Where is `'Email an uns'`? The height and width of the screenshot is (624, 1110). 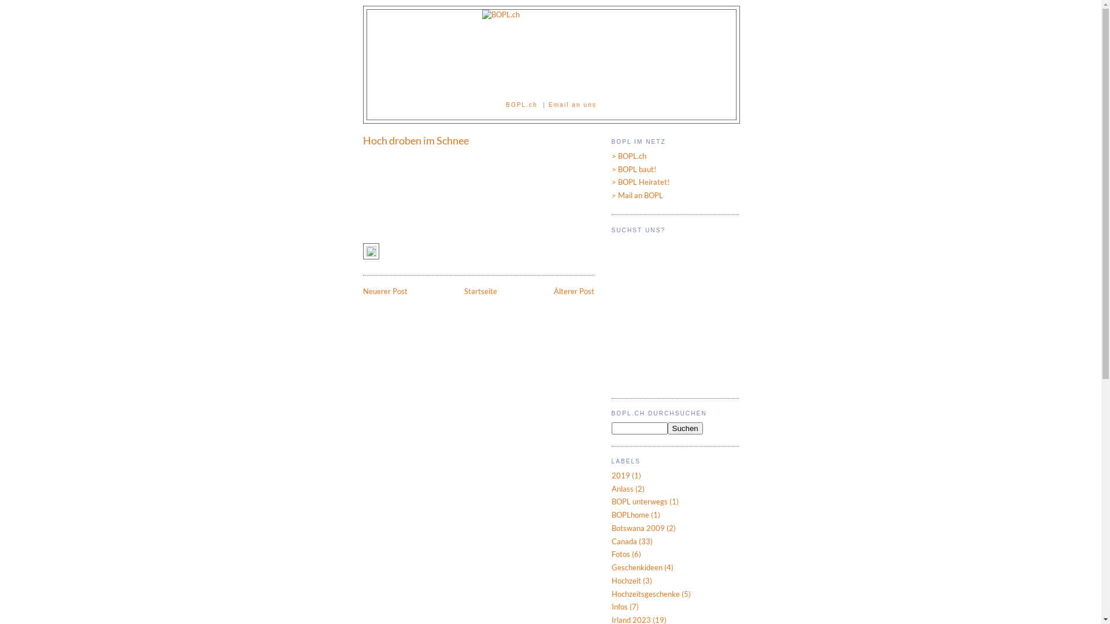
'Email an uns' is located at coordinates (548, 105).